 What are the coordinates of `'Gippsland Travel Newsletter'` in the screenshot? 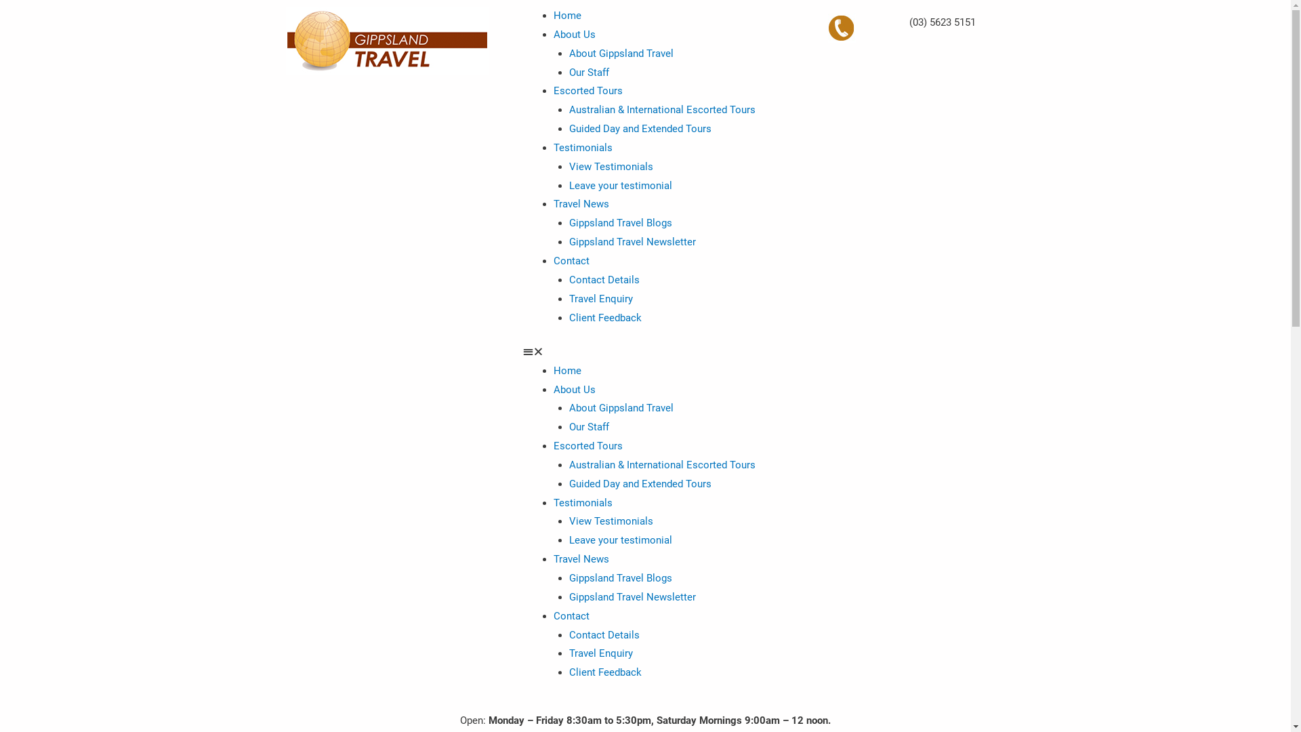 It's located at (632, 596).